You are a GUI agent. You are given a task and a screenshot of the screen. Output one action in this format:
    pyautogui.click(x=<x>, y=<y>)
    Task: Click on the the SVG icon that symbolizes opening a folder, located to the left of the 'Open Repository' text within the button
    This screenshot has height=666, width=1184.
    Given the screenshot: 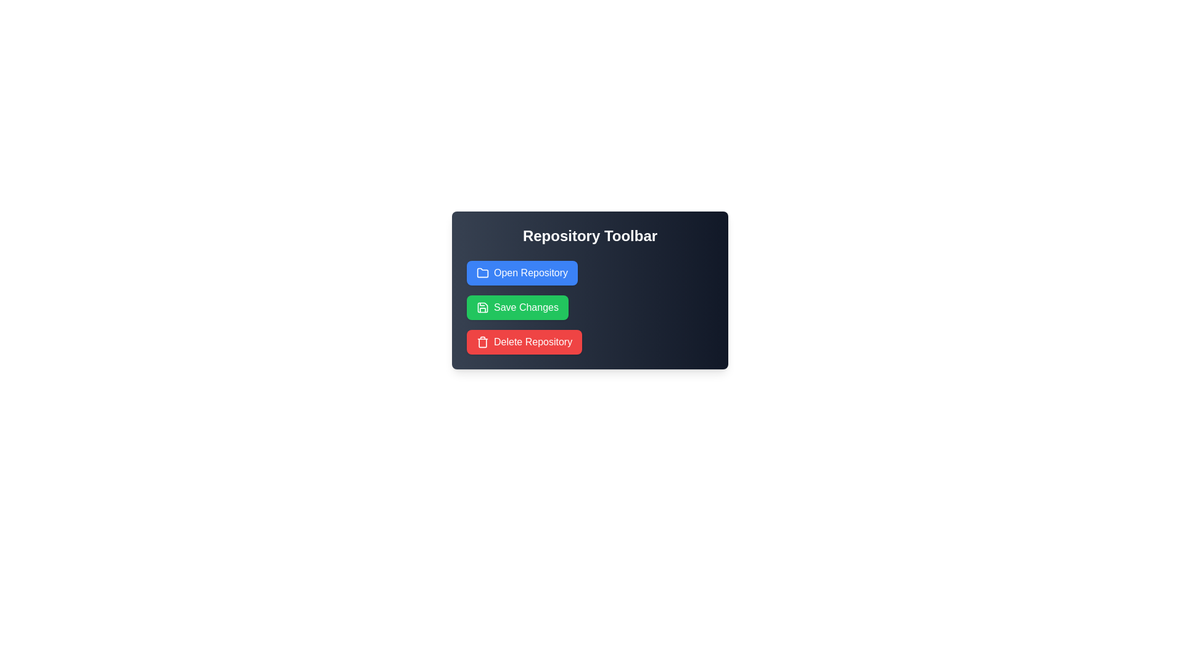 What is the action you would take?
    pyautogui.click(x=482, y=273)
    